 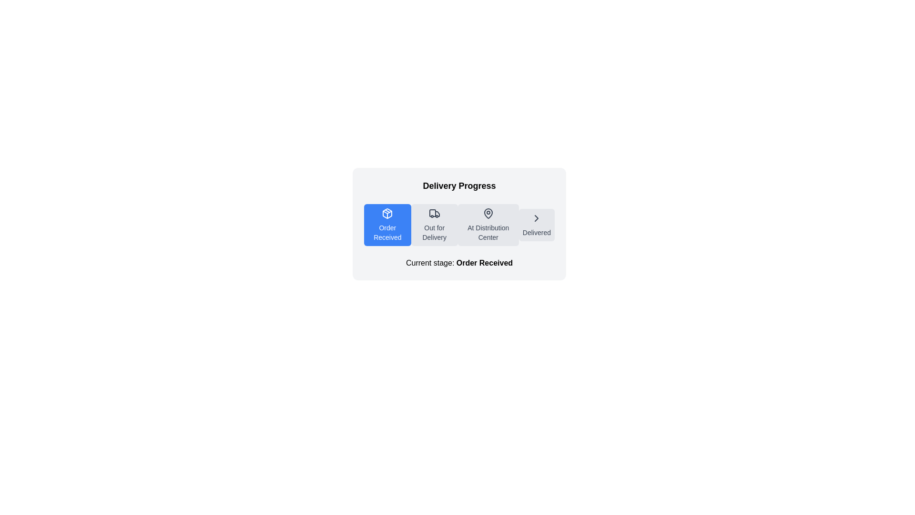 I want to click on map pin icon on the inactive 'At Distribution Center' progress tracker stage indicator button, which has a light gray background and dark gray text, so click(x=488, y=225).